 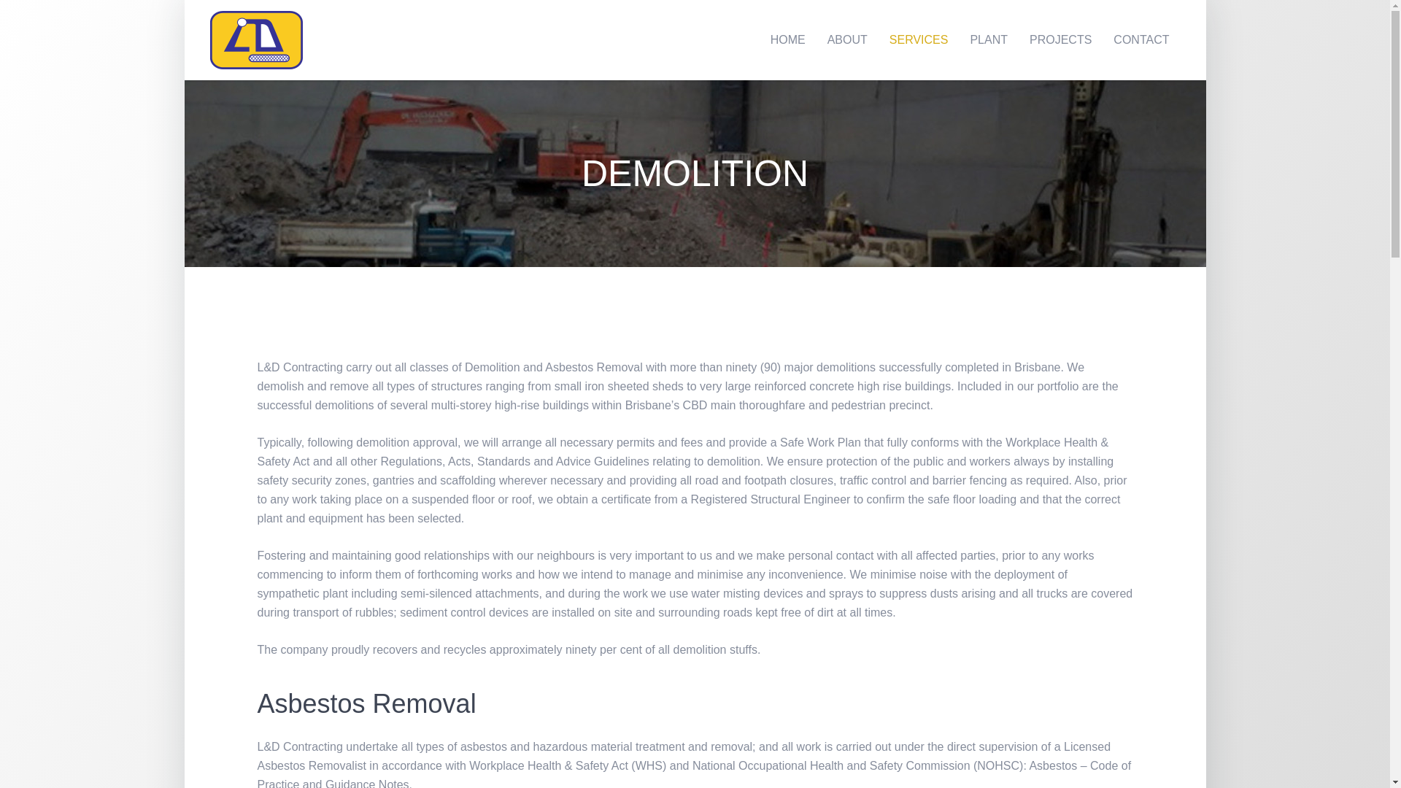 What do you see at coordinates (787, 39) in the screenshot?
I see `'HOME'` at bounding box center [787, 39].